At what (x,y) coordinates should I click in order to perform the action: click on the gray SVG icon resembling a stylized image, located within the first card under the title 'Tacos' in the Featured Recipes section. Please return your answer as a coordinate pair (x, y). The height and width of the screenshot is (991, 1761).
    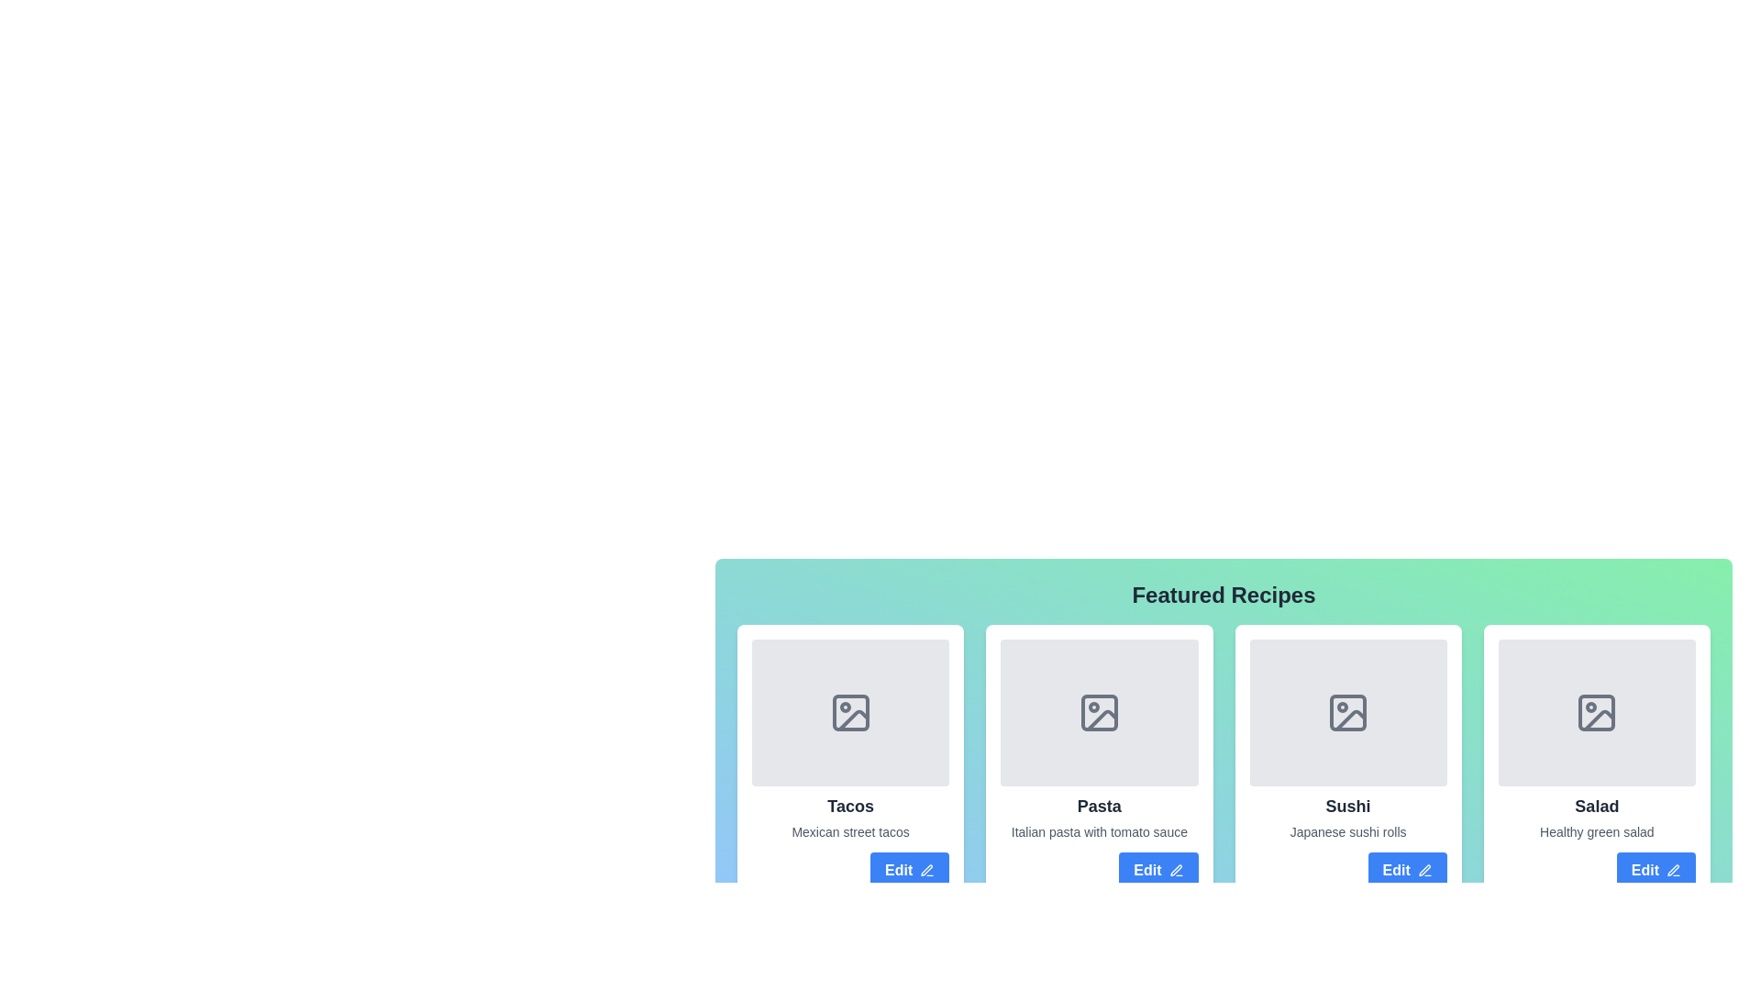
    Looking at the image, I should click on (849, 711).